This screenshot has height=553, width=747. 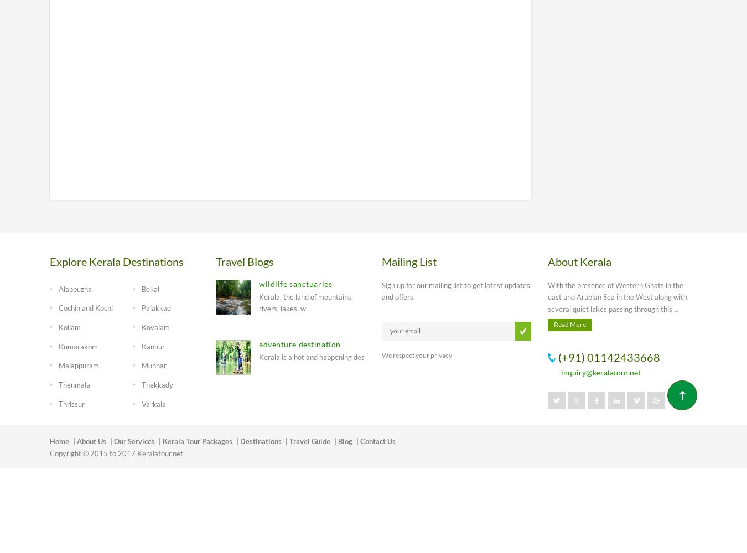 I want to click on 'Kumarakom', so click(x=58, y=346).